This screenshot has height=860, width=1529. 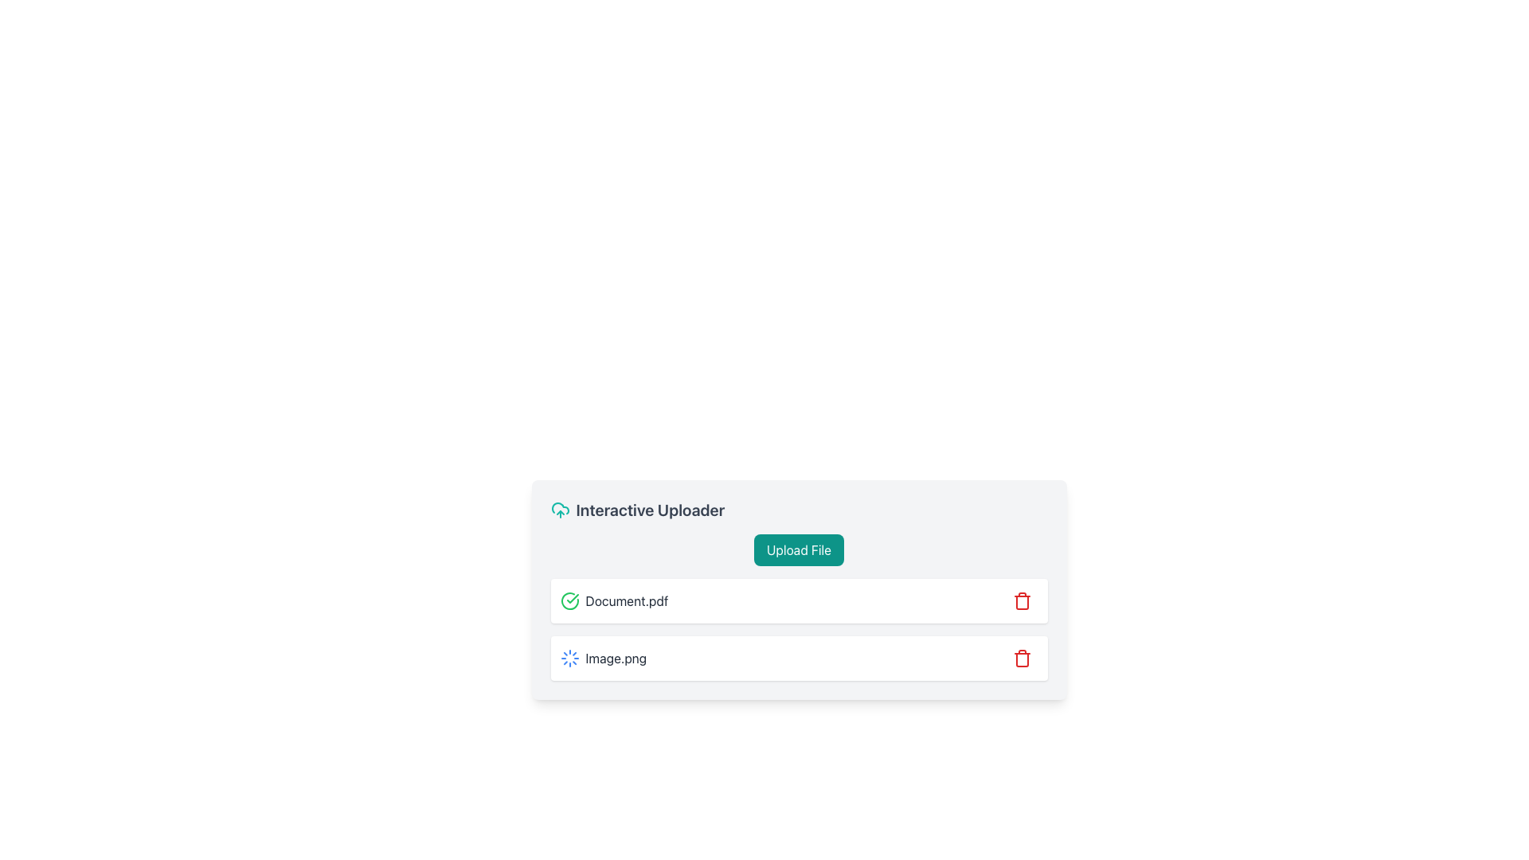 What do you see at coordinates (799, 658) in the screenshot?
I see `the spinning loader icon for the file 'Image.png' status updates, which is located within a compound UI component that includes a label and a deletion button` at bounding box center [799, 658].